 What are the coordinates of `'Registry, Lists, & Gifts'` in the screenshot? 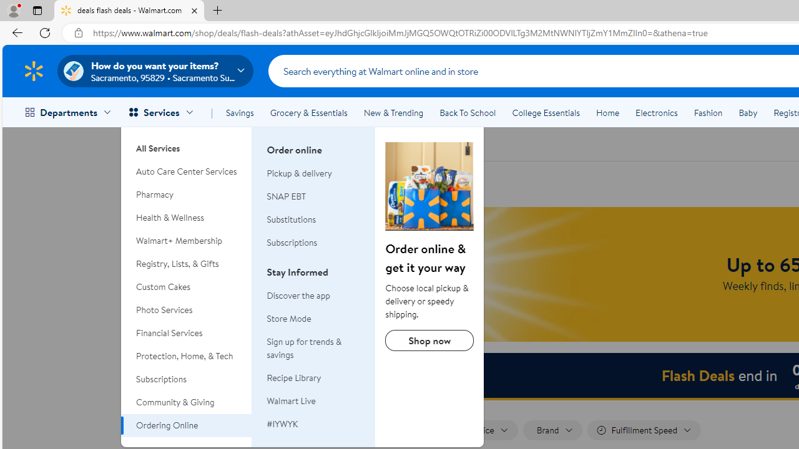 It's located at (186, 263).